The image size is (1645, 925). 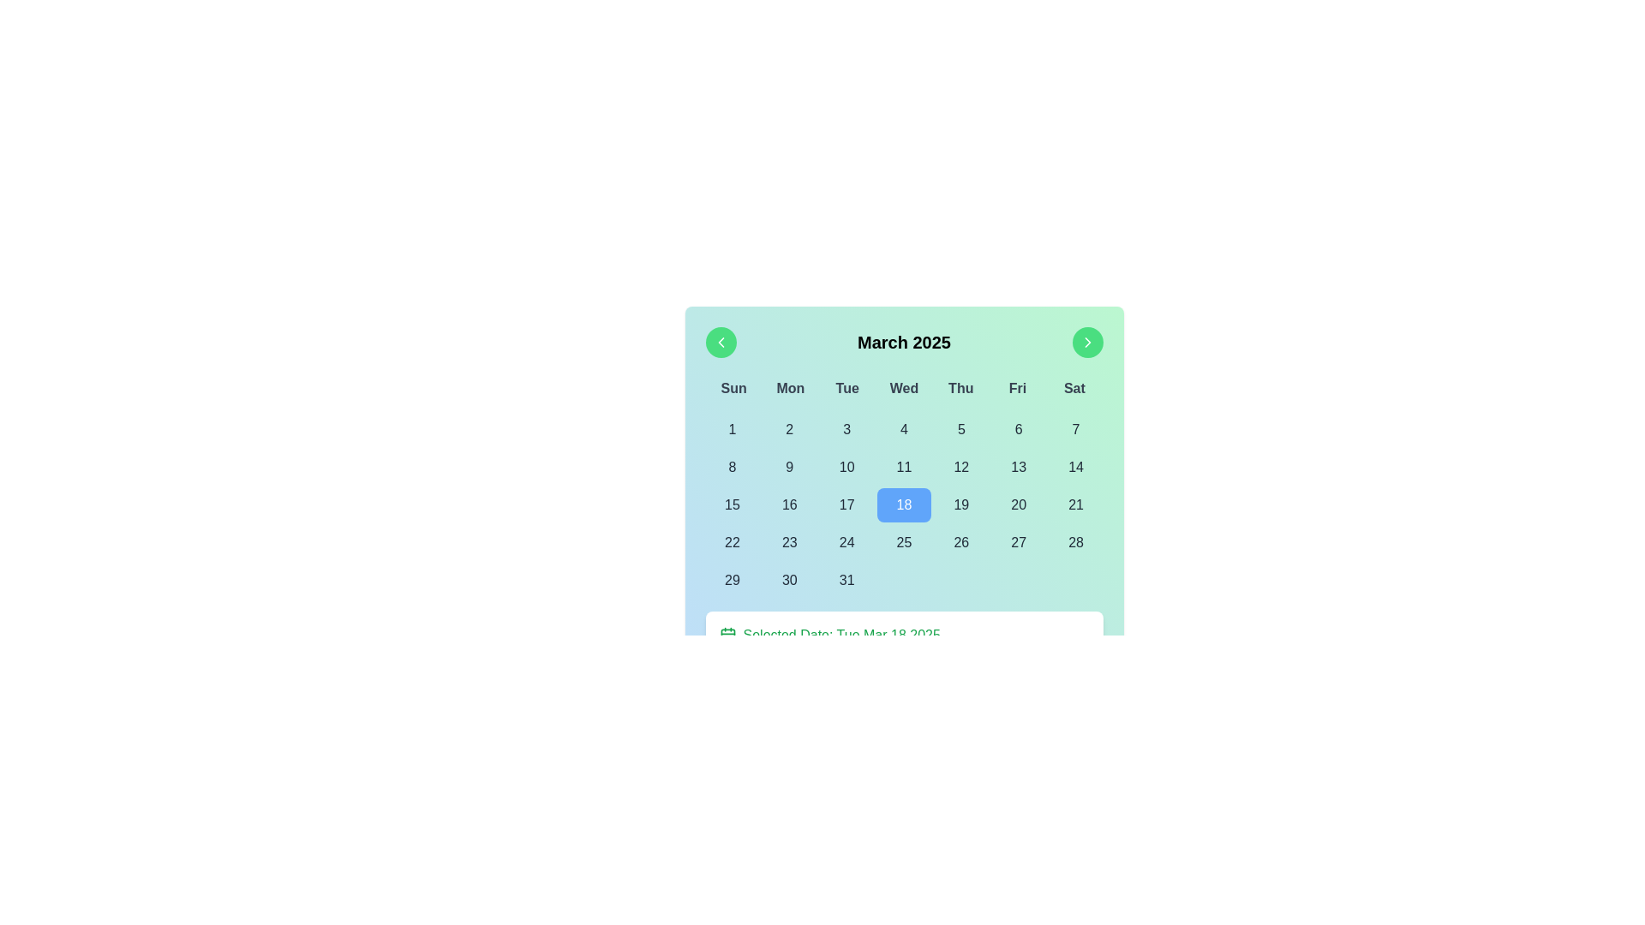 What do you see at coordinates (903, 343) in the screenshot?
I see `the Text Header that displays the current month and year in the calendar, located at the top of the calendar component` at bounding box center [903, 343].